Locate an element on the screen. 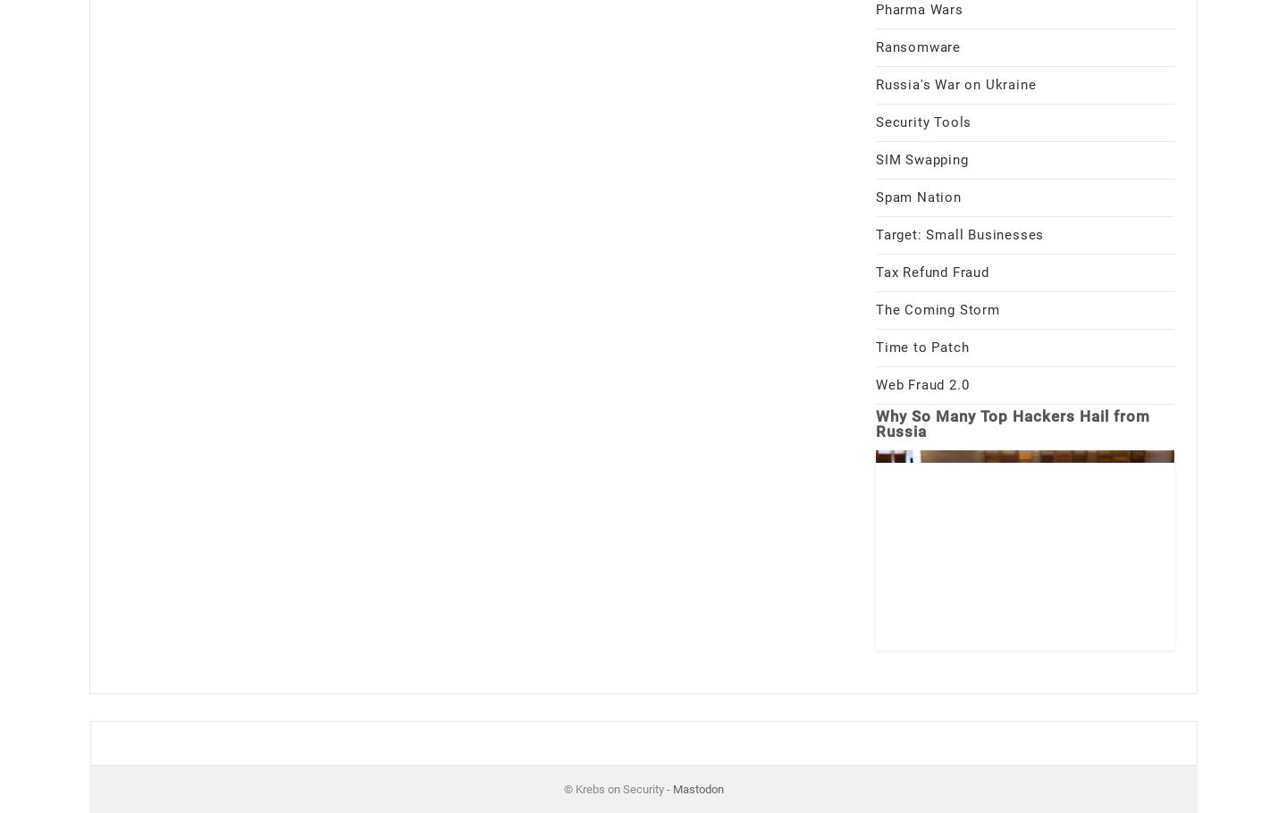  'Ransomware' is located at coordinates (918, 46).